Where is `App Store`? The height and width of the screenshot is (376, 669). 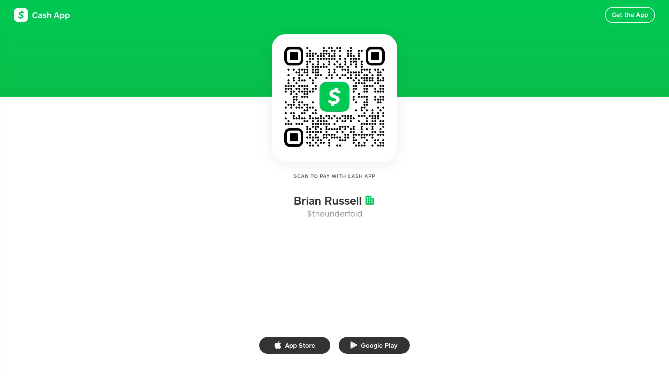
App Store is located at coordinates (294, 345).